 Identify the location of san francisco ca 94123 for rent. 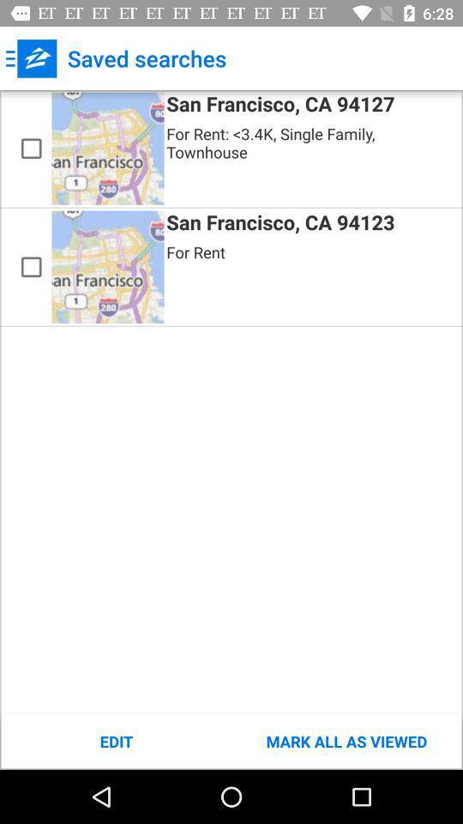
(31, 267).